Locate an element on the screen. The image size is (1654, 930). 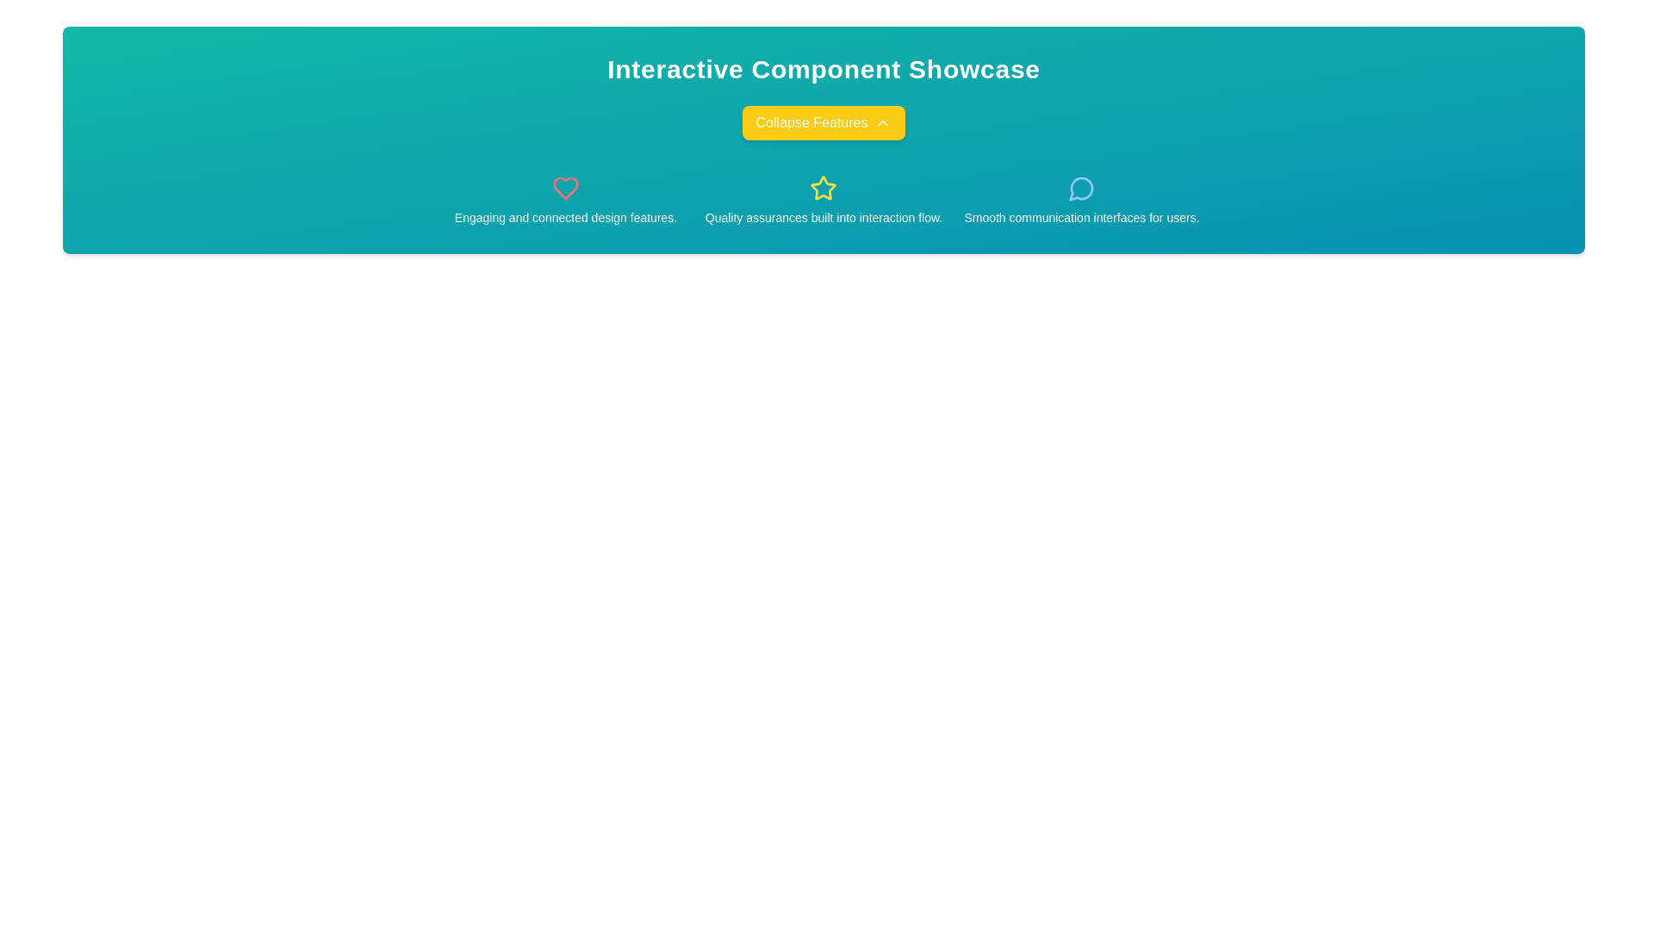
the button located centrally beneath the title 'Interactive Component Showcase' is located at coordinates (823, 121).